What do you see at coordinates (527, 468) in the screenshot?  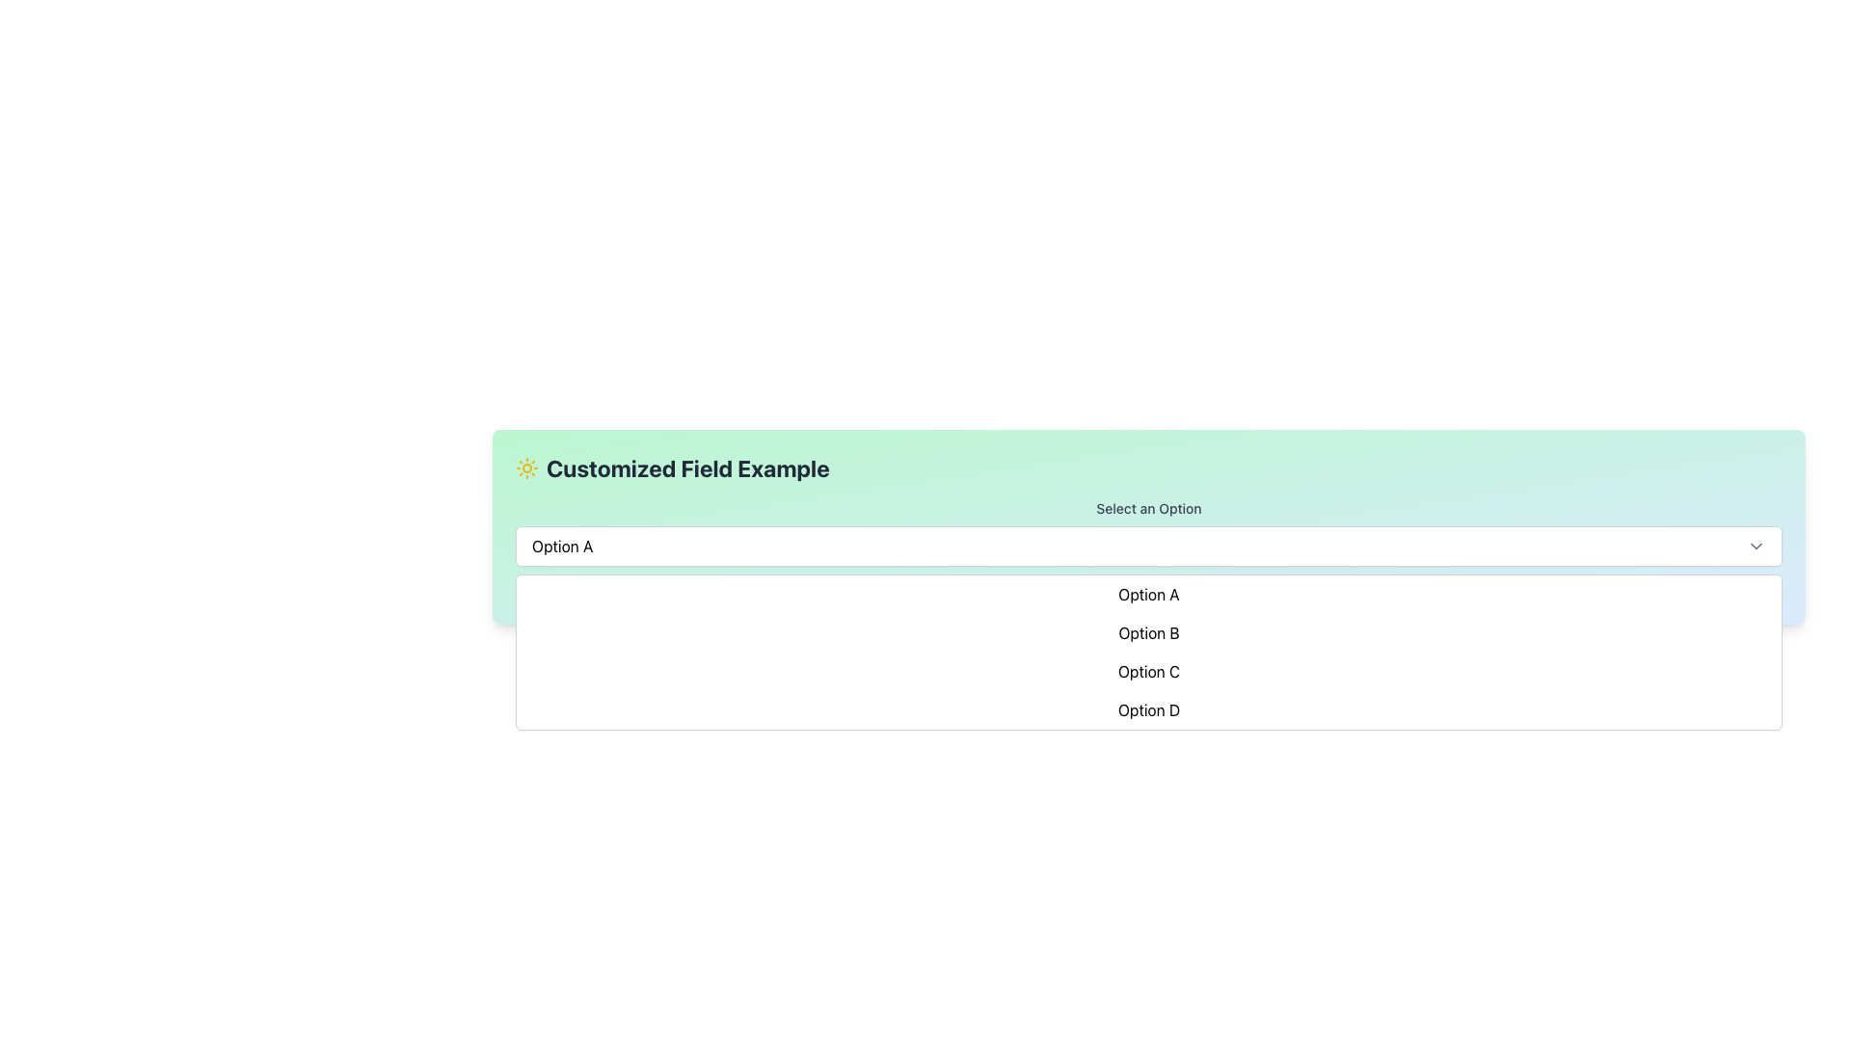 I see `the Decorative Icon located in the top-left corner of the header section, just left of the text 'Customized Field Example'` at bounding box center [527, 468].